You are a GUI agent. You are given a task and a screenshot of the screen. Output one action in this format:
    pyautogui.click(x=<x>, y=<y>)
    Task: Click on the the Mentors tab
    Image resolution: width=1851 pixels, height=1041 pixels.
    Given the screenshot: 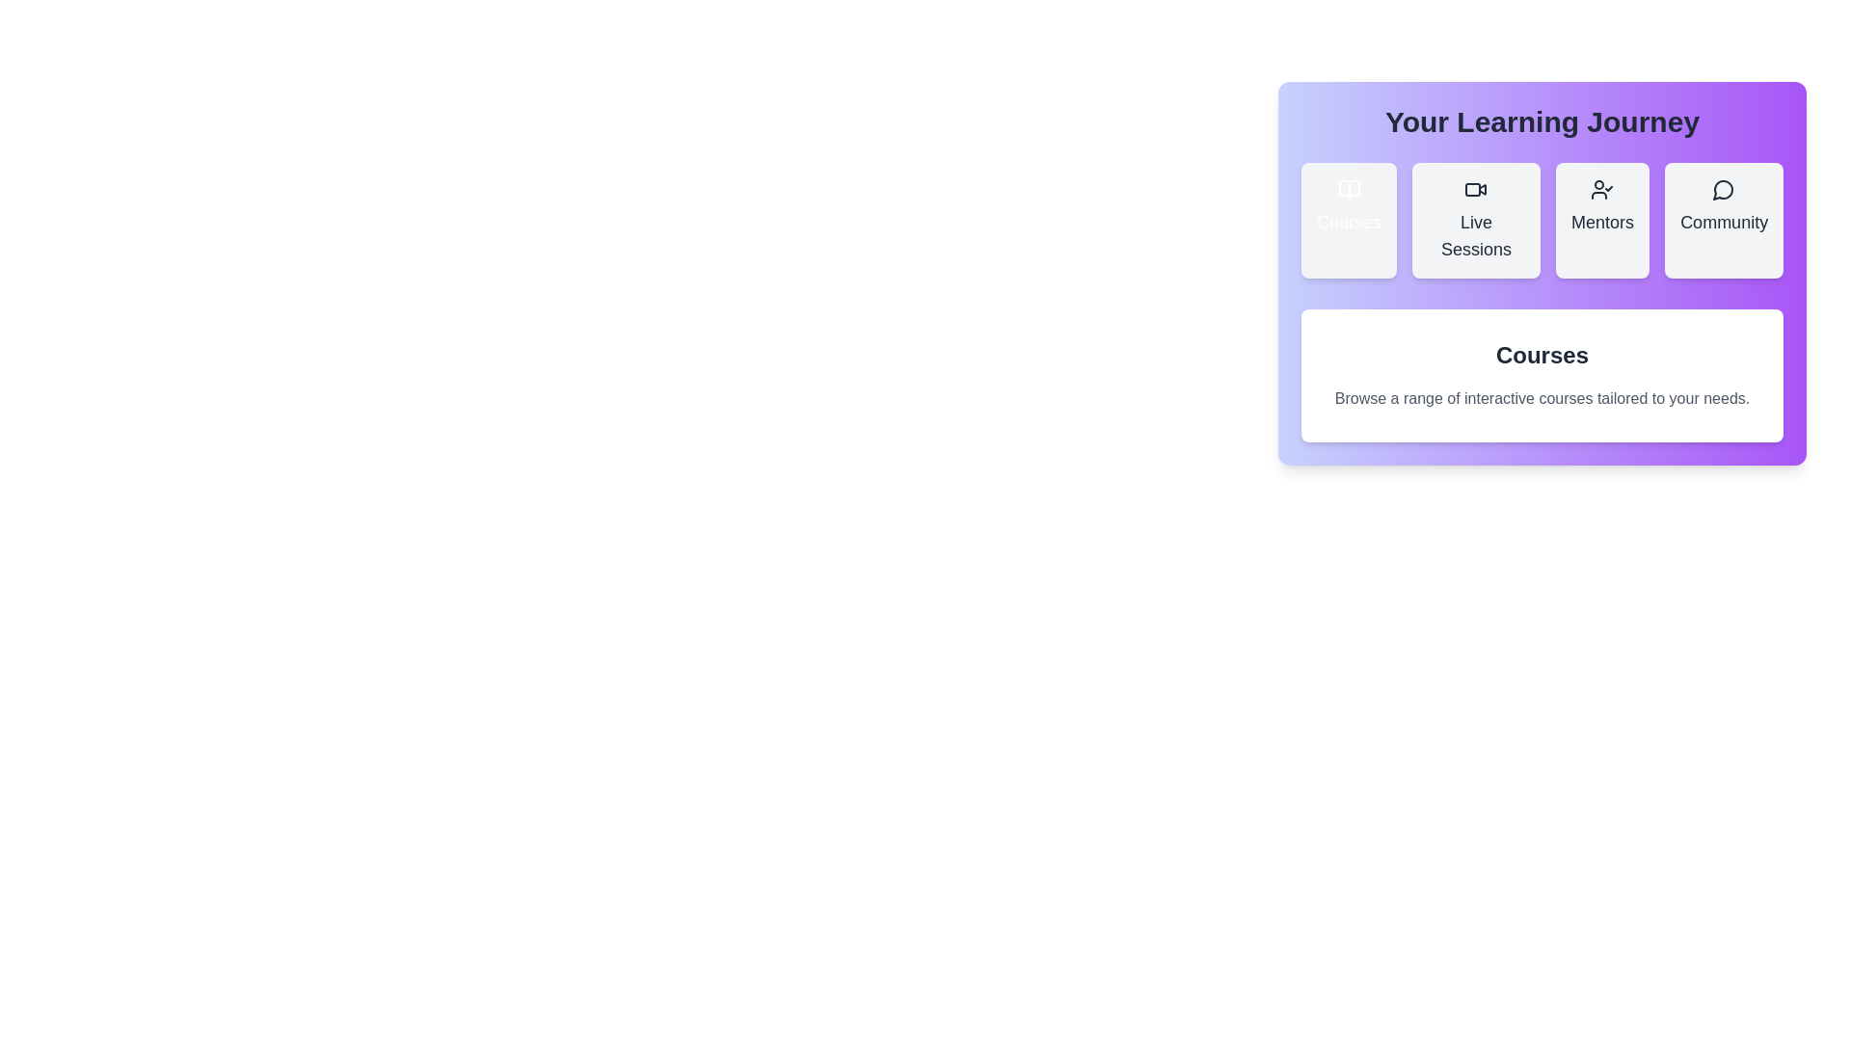 What is the action you would take?
    pyautogui.click(x=1602, y=219)
    